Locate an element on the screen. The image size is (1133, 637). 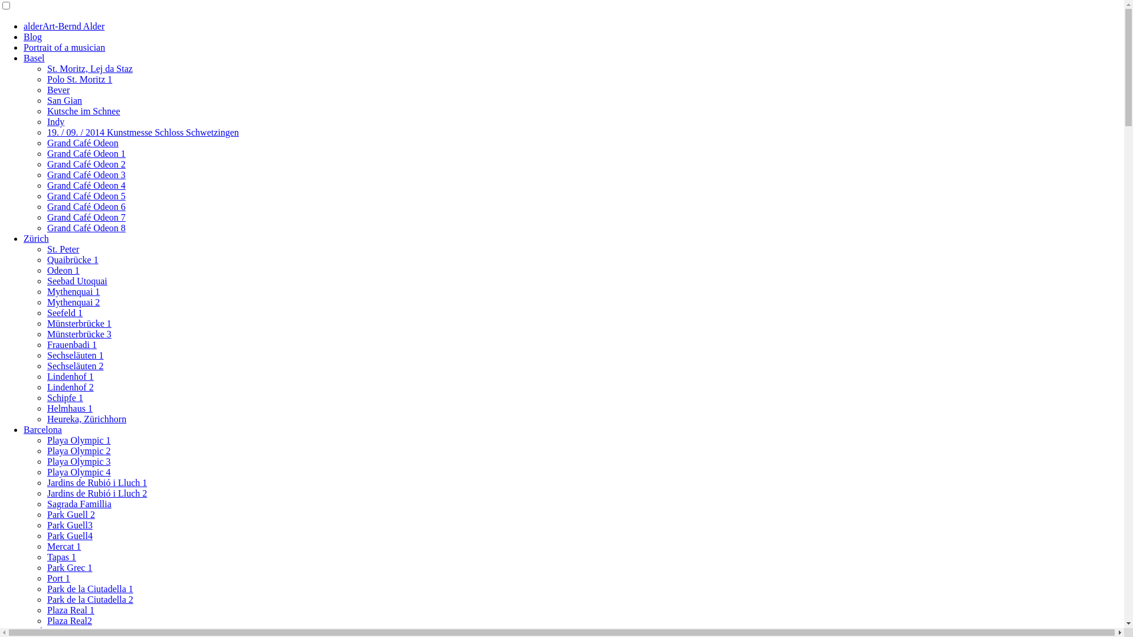
'St. Peter' is located at coordinates (62, 248).